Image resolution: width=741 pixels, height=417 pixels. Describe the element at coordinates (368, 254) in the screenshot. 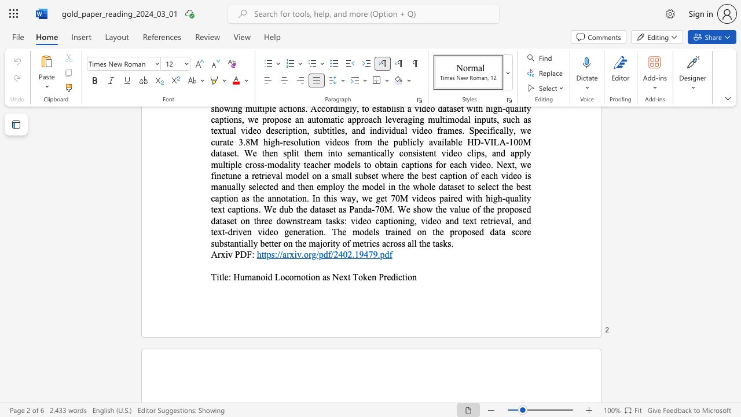

I see `the subset text "79." within the text "https://arxiv.org/pdf/2402.19479.pdf"` at that location.